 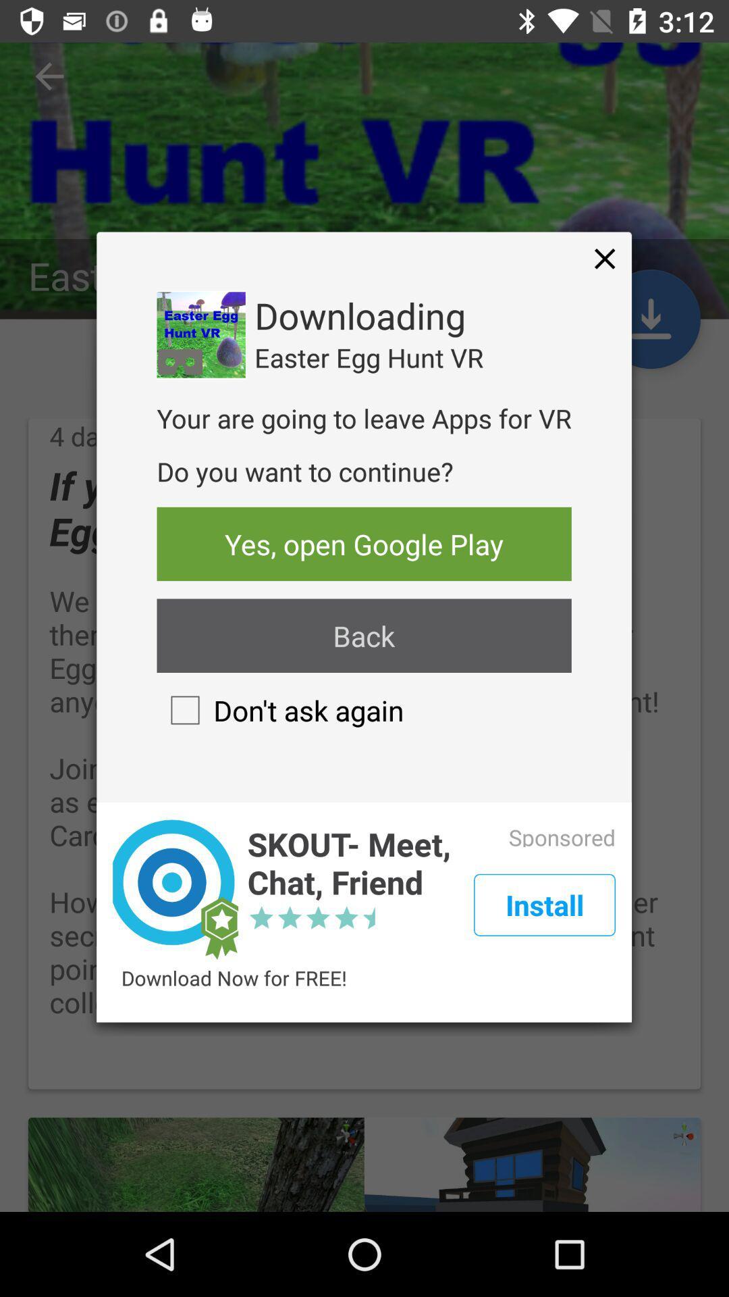 What do you see at coordinates (279, 709) in the screenshot?
I see `the don t ask checkbox` at bounding box center [279, 709].